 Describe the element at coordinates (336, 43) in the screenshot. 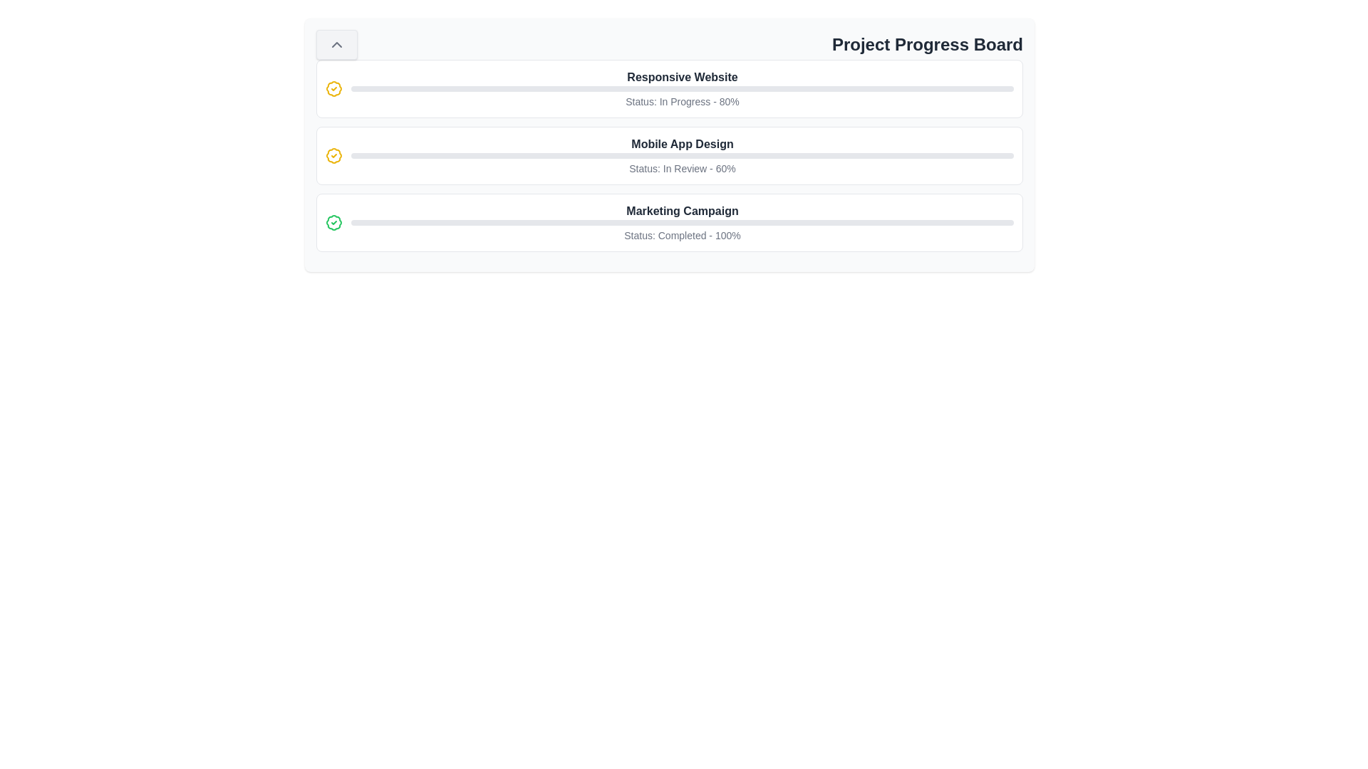

I see `the toggle button located in the upper-left corner of the 'Project Progress Board' section` at that location.